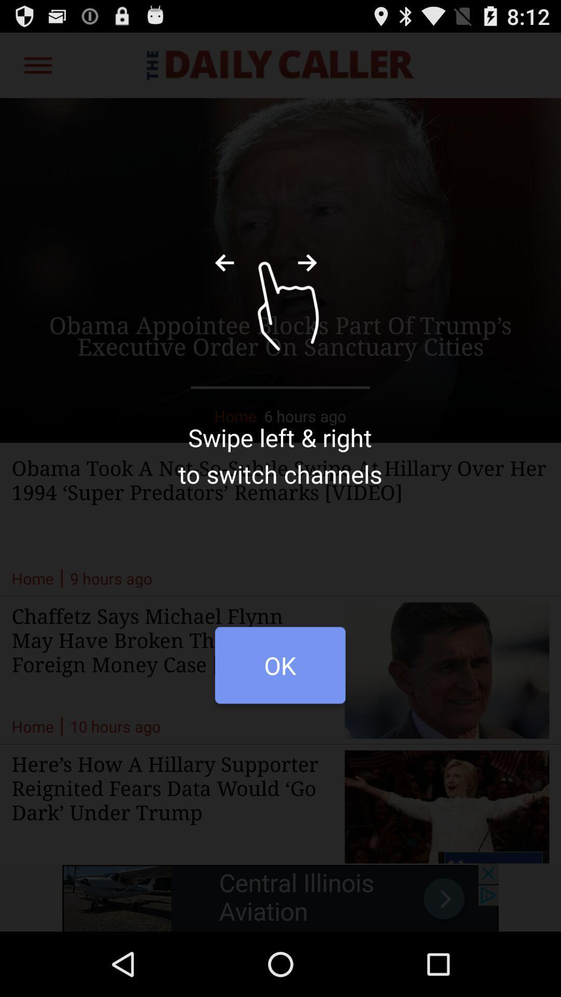 The image size is (561, 997). What do you see at coordinates (279, 670) in the screenshot?
I see `item below the swipe left right item` at bounding box center [279, 670].